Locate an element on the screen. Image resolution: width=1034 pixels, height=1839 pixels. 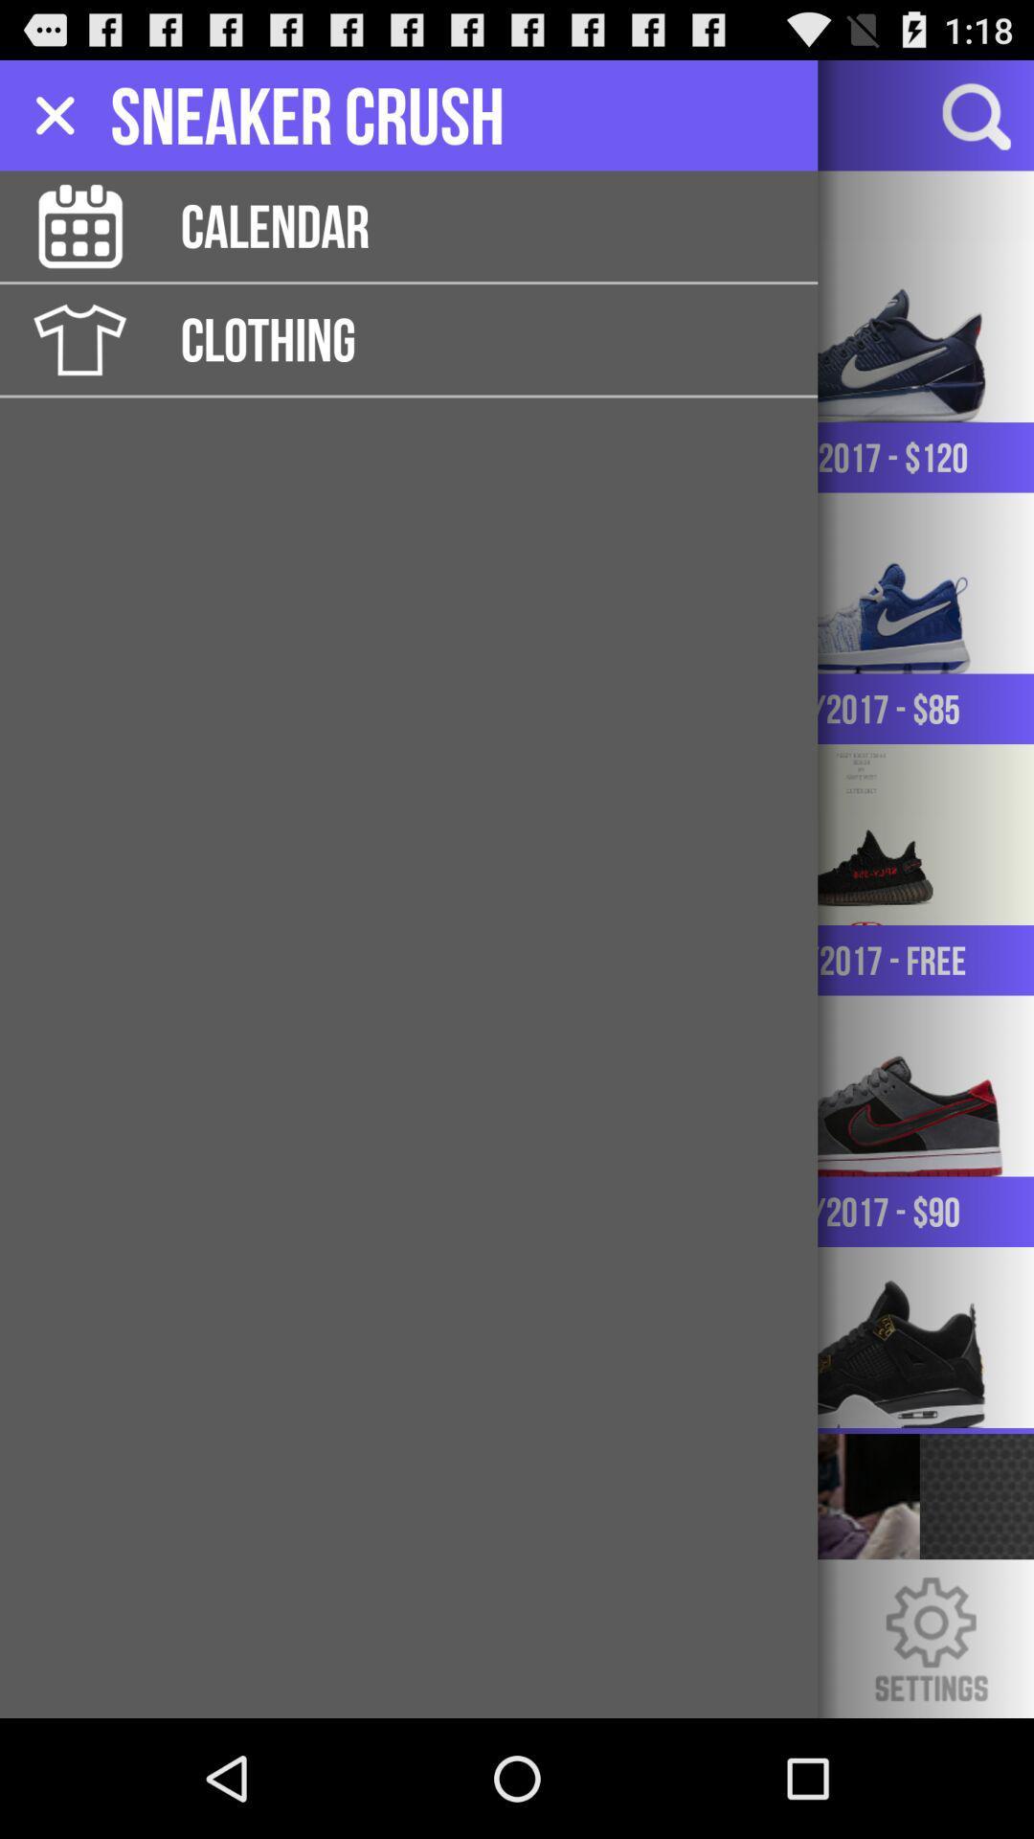
the search icon is located at coordinates (975, 123).